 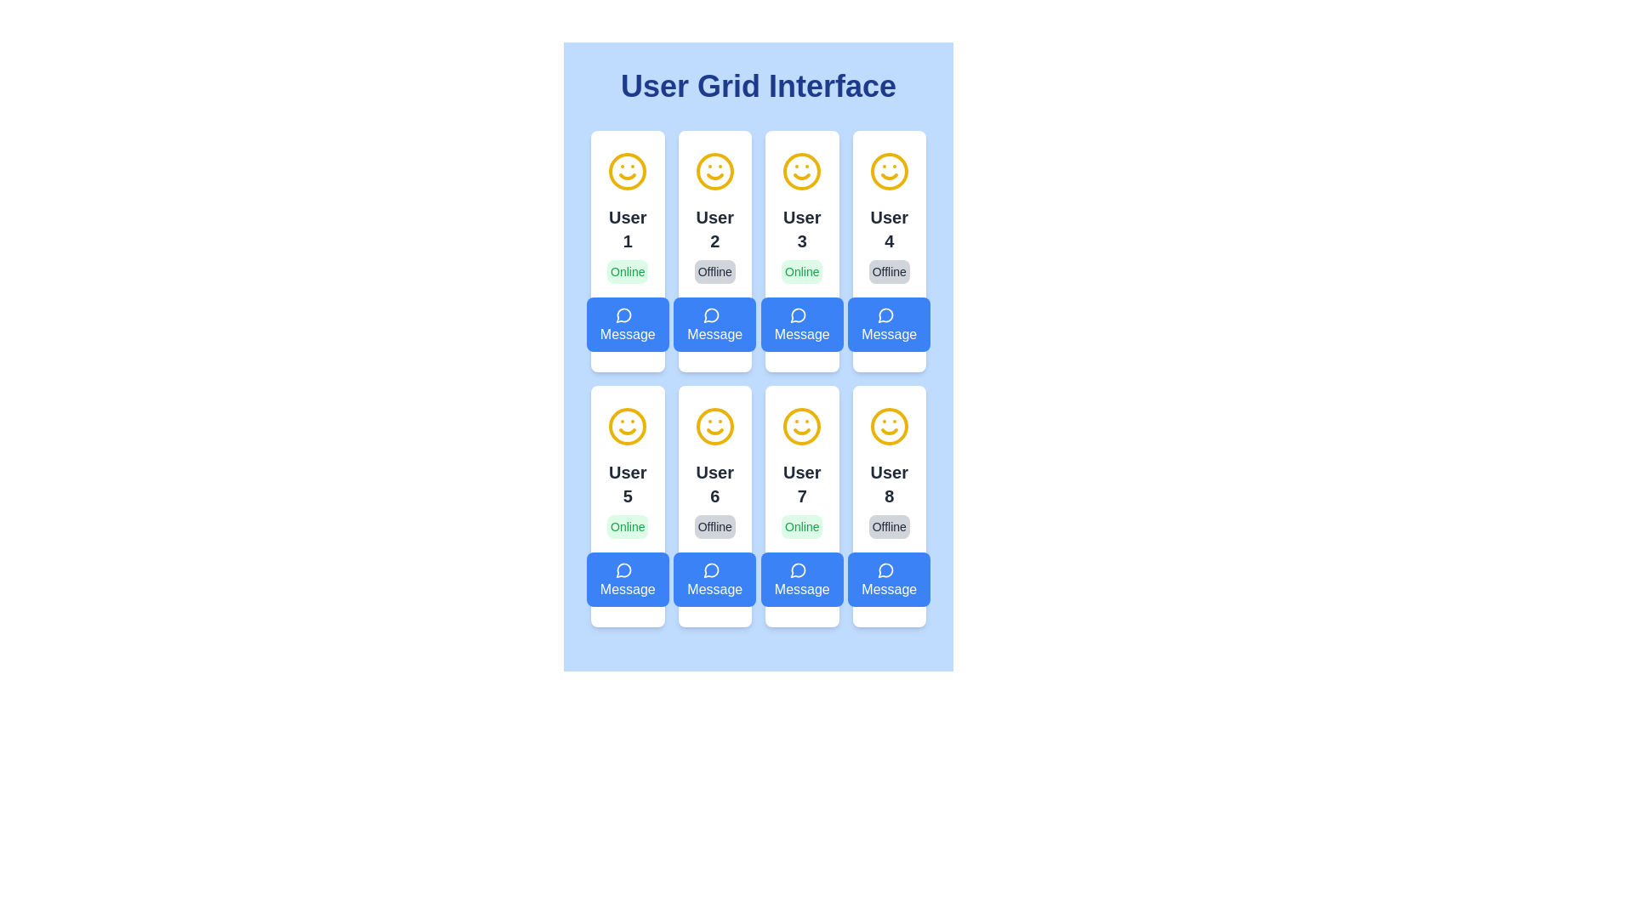 What do you see at coordinates (758, 86) in the screenshot?
I see `text displayed in the header labeled 'User Grid Interface', which is a large, bold, blue font positioned at the top center of the interface` at bounding box center [758, 86].